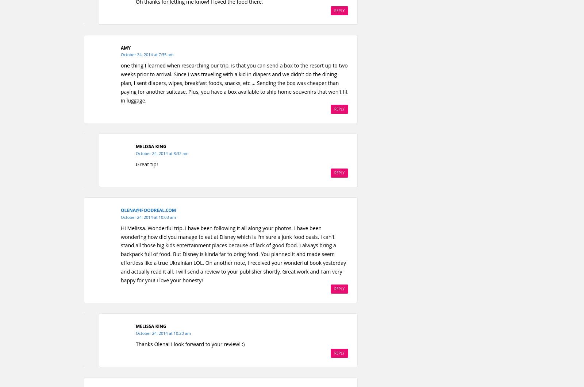 This screenshot has width=584, height=387. I want to click on 'Hi Melissa. Wonderful trip. I have been following it all along your photos. I have been wondering how did you manage to eat at Disney which is I'm sure a junk food oasis. I can't stand all those big kids entertainment places because of lack of good food. I always bring a backpack full of food. But Disney is kinda far to bring food. You planned it and made seem effortless like a true Ukrainian LOL. 
On another note, I received your wonderful book yesterday and actually read it all. I will send a review to your publisher shortly. Great work and I am very happy for you! I love your honesty!', so click(233, 254).